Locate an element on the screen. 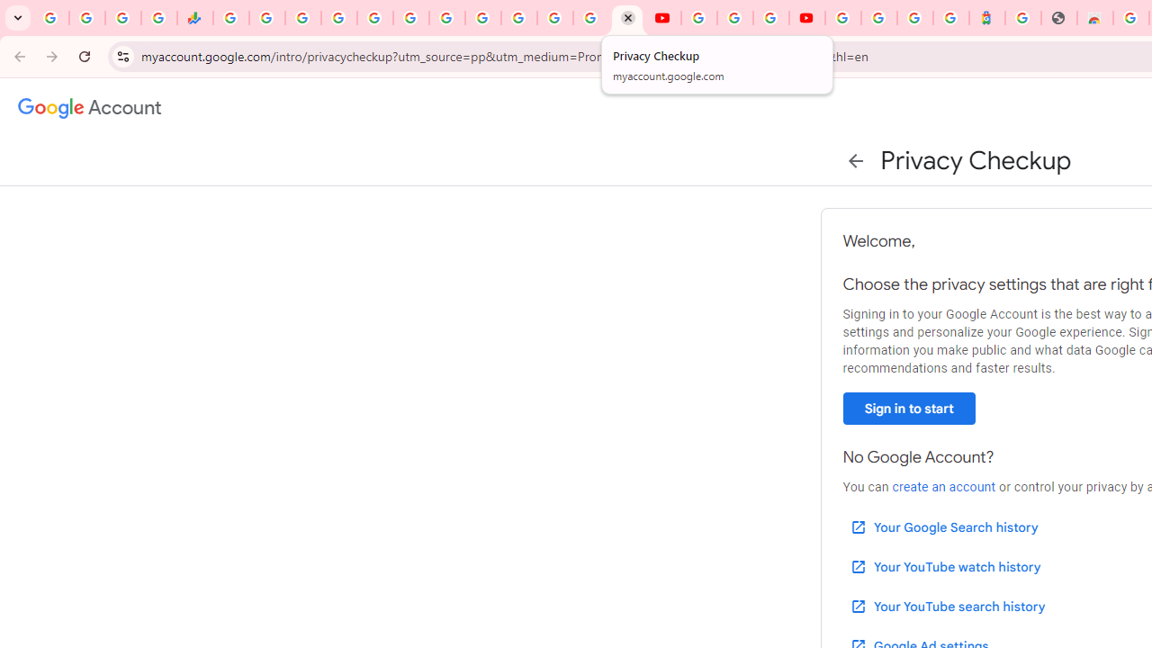 This screenshot has height=648, width=1152. 'Google Workspace Admin Community' is located at coordinates (50, 18).